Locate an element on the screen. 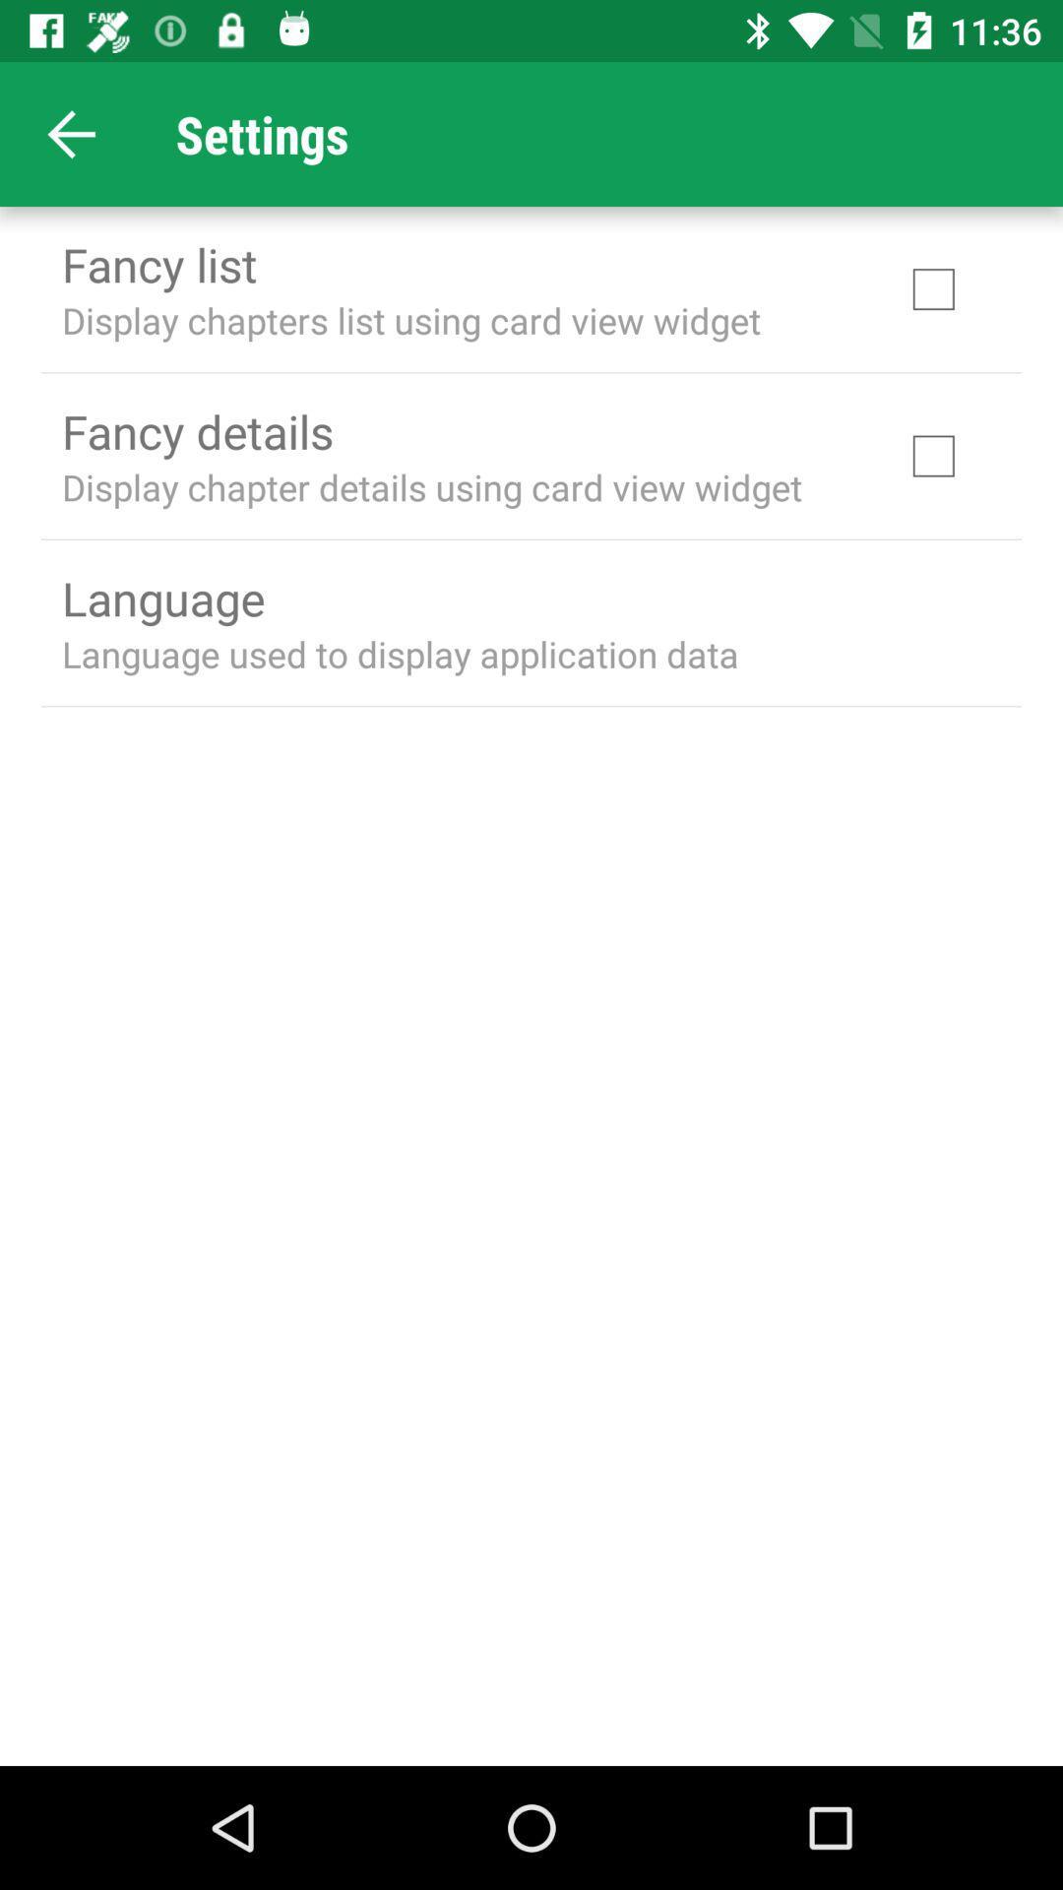  previous is located at coordinates (71, 133).